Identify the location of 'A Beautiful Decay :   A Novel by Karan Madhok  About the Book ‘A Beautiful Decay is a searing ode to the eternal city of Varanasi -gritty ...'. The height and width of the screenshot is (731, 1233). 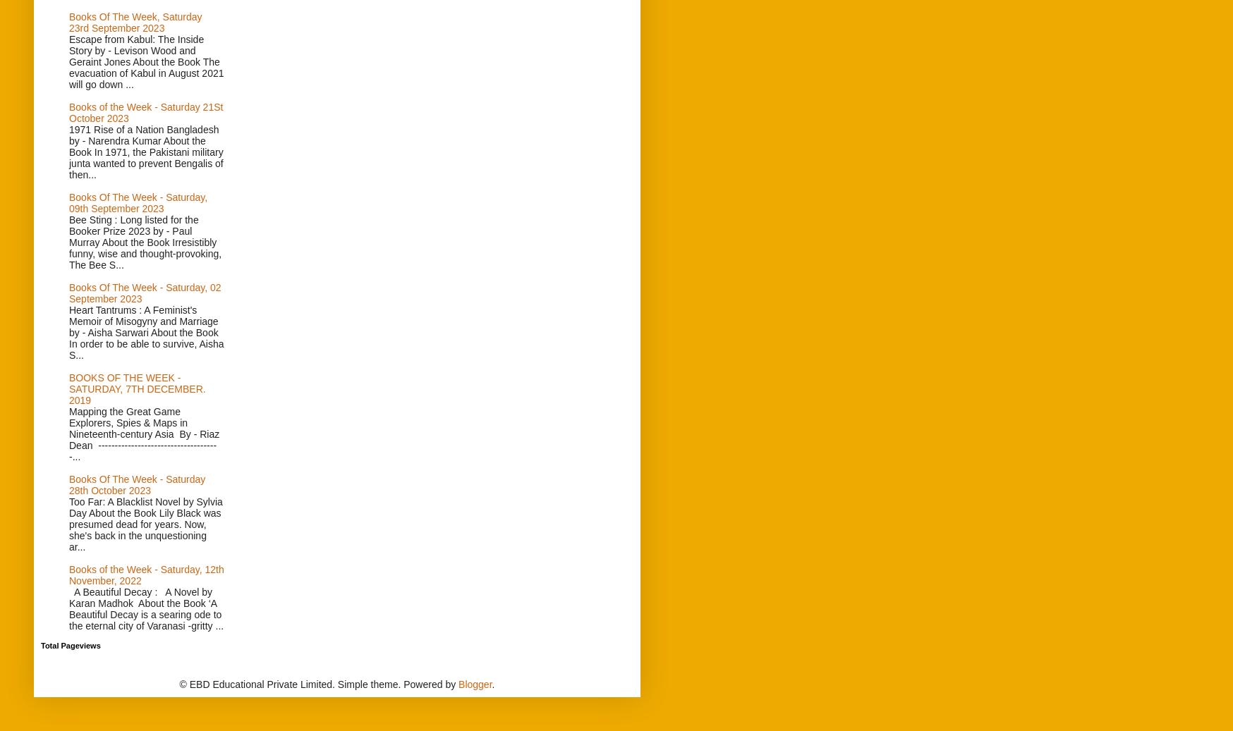
(145, 609).